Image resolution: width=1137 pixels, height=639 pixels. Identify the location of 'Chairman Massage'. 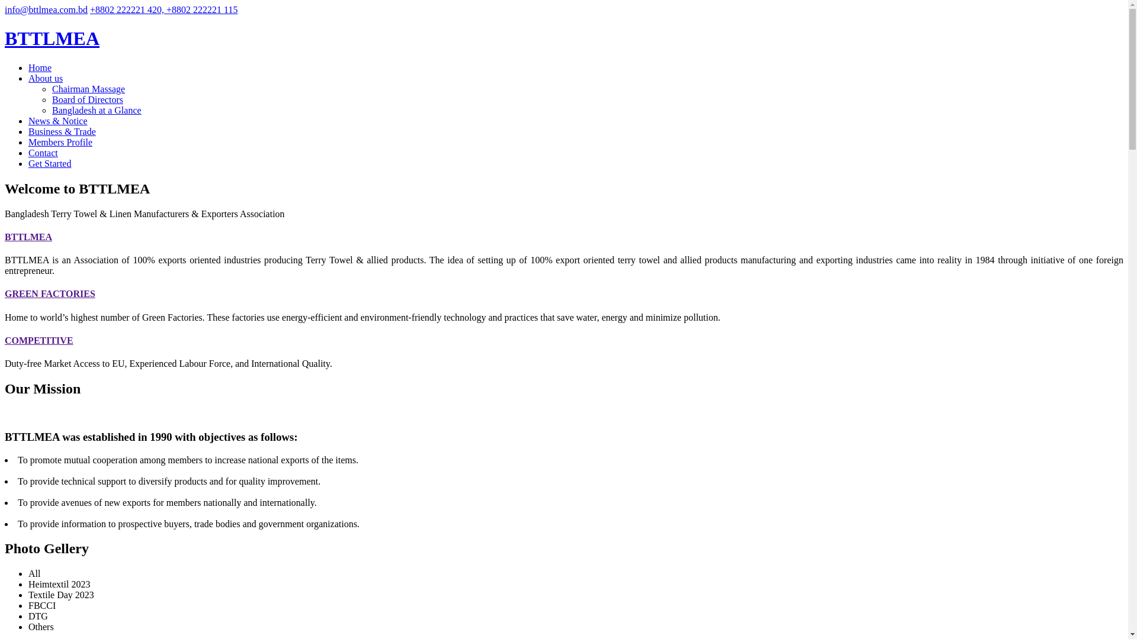
(88, 88).